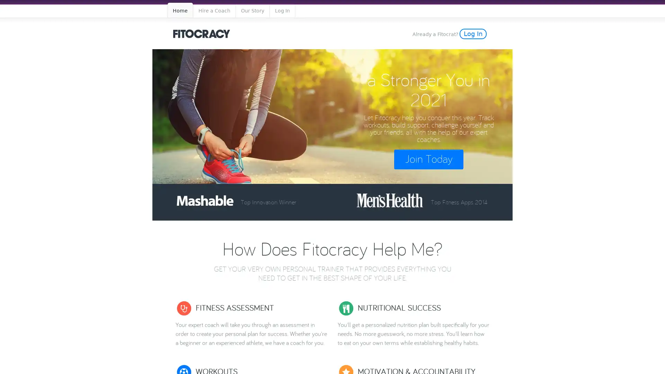  Describe the element at coordinates (428, 159) in the screenshot. I see `Join Today` at that location.